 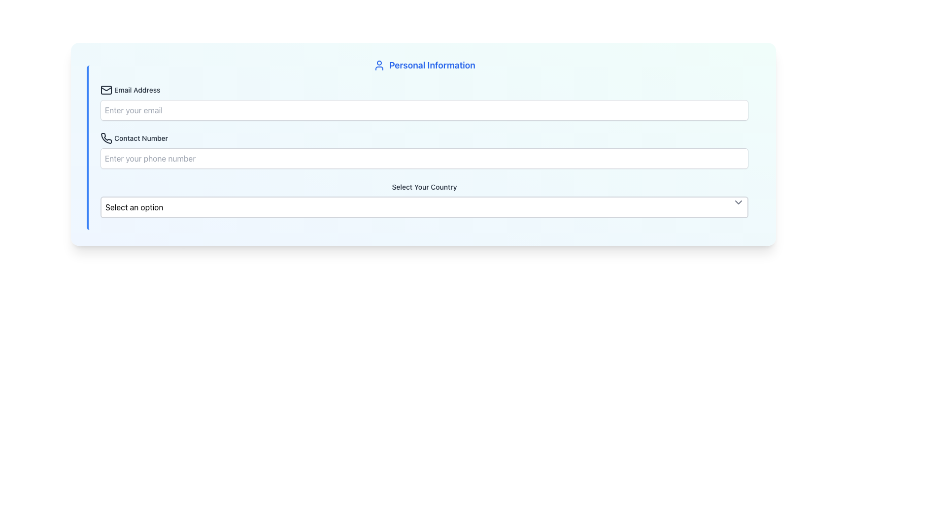 I want to click on the visual indicator icon for the 'Contact Number' input field, located to the left of the label and input field in the form, so click(x=106, y=138).